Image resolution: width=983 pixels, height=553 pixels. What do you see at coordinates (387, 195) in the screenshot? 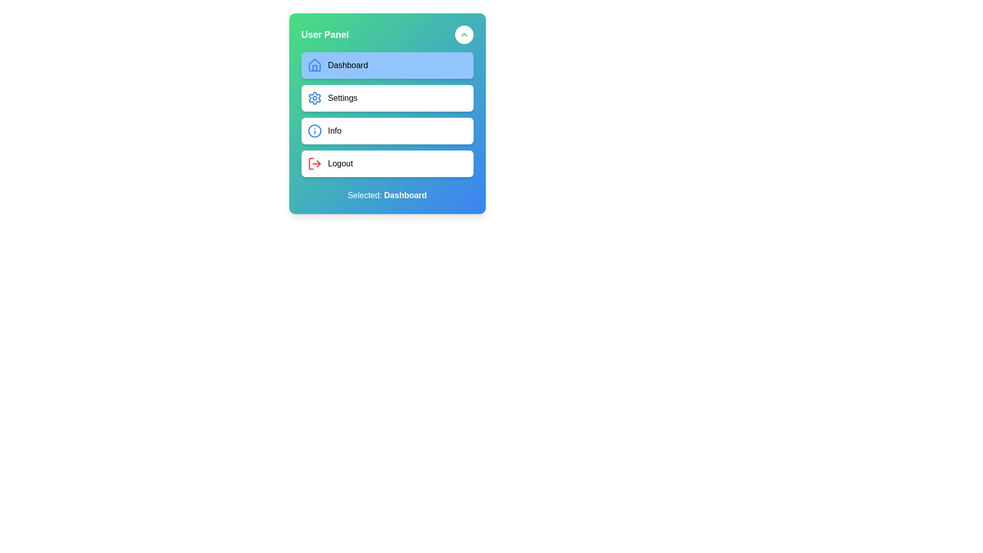
I see `static informational label element that displays the text 'Selected: Dashboard,' located at the bottom of the menu card` at bounding box center [387, 195].